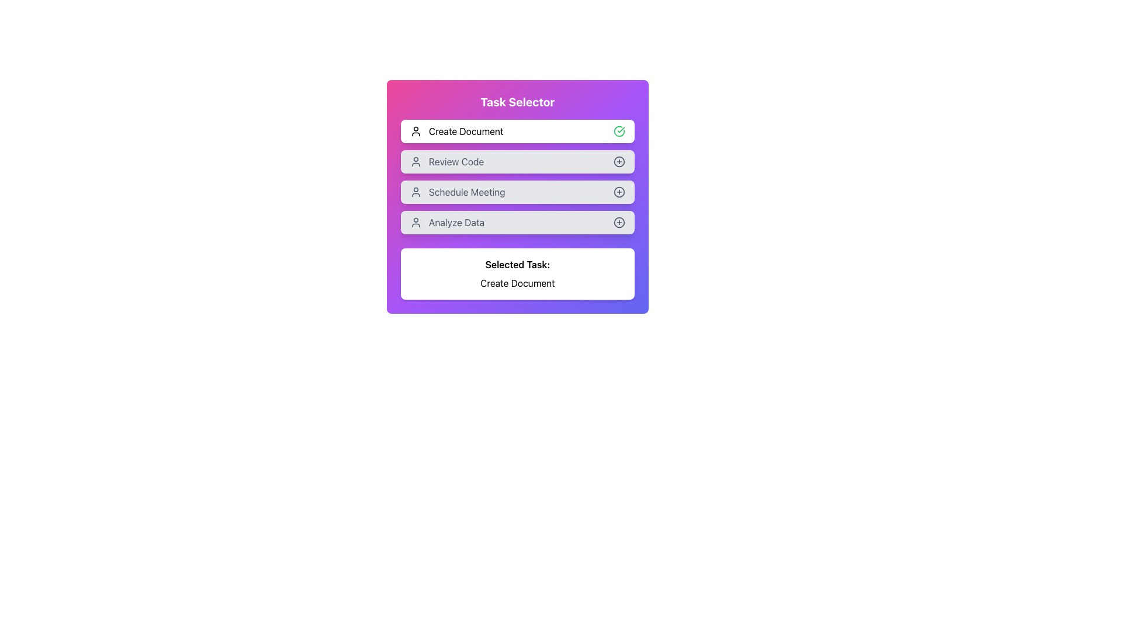 This screenshot has height=631, width=1122. What do you see at coordinates (619, 162) in the screenshot?
I see `the Action Icon at the far right end of the 'Review Code' task entry to initiate its associated action` at bounding box center [619, 162].